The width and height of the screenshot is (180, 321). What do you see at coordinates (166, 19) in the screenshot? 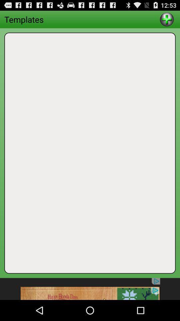
I see `template` at bounding box center [166, 19].